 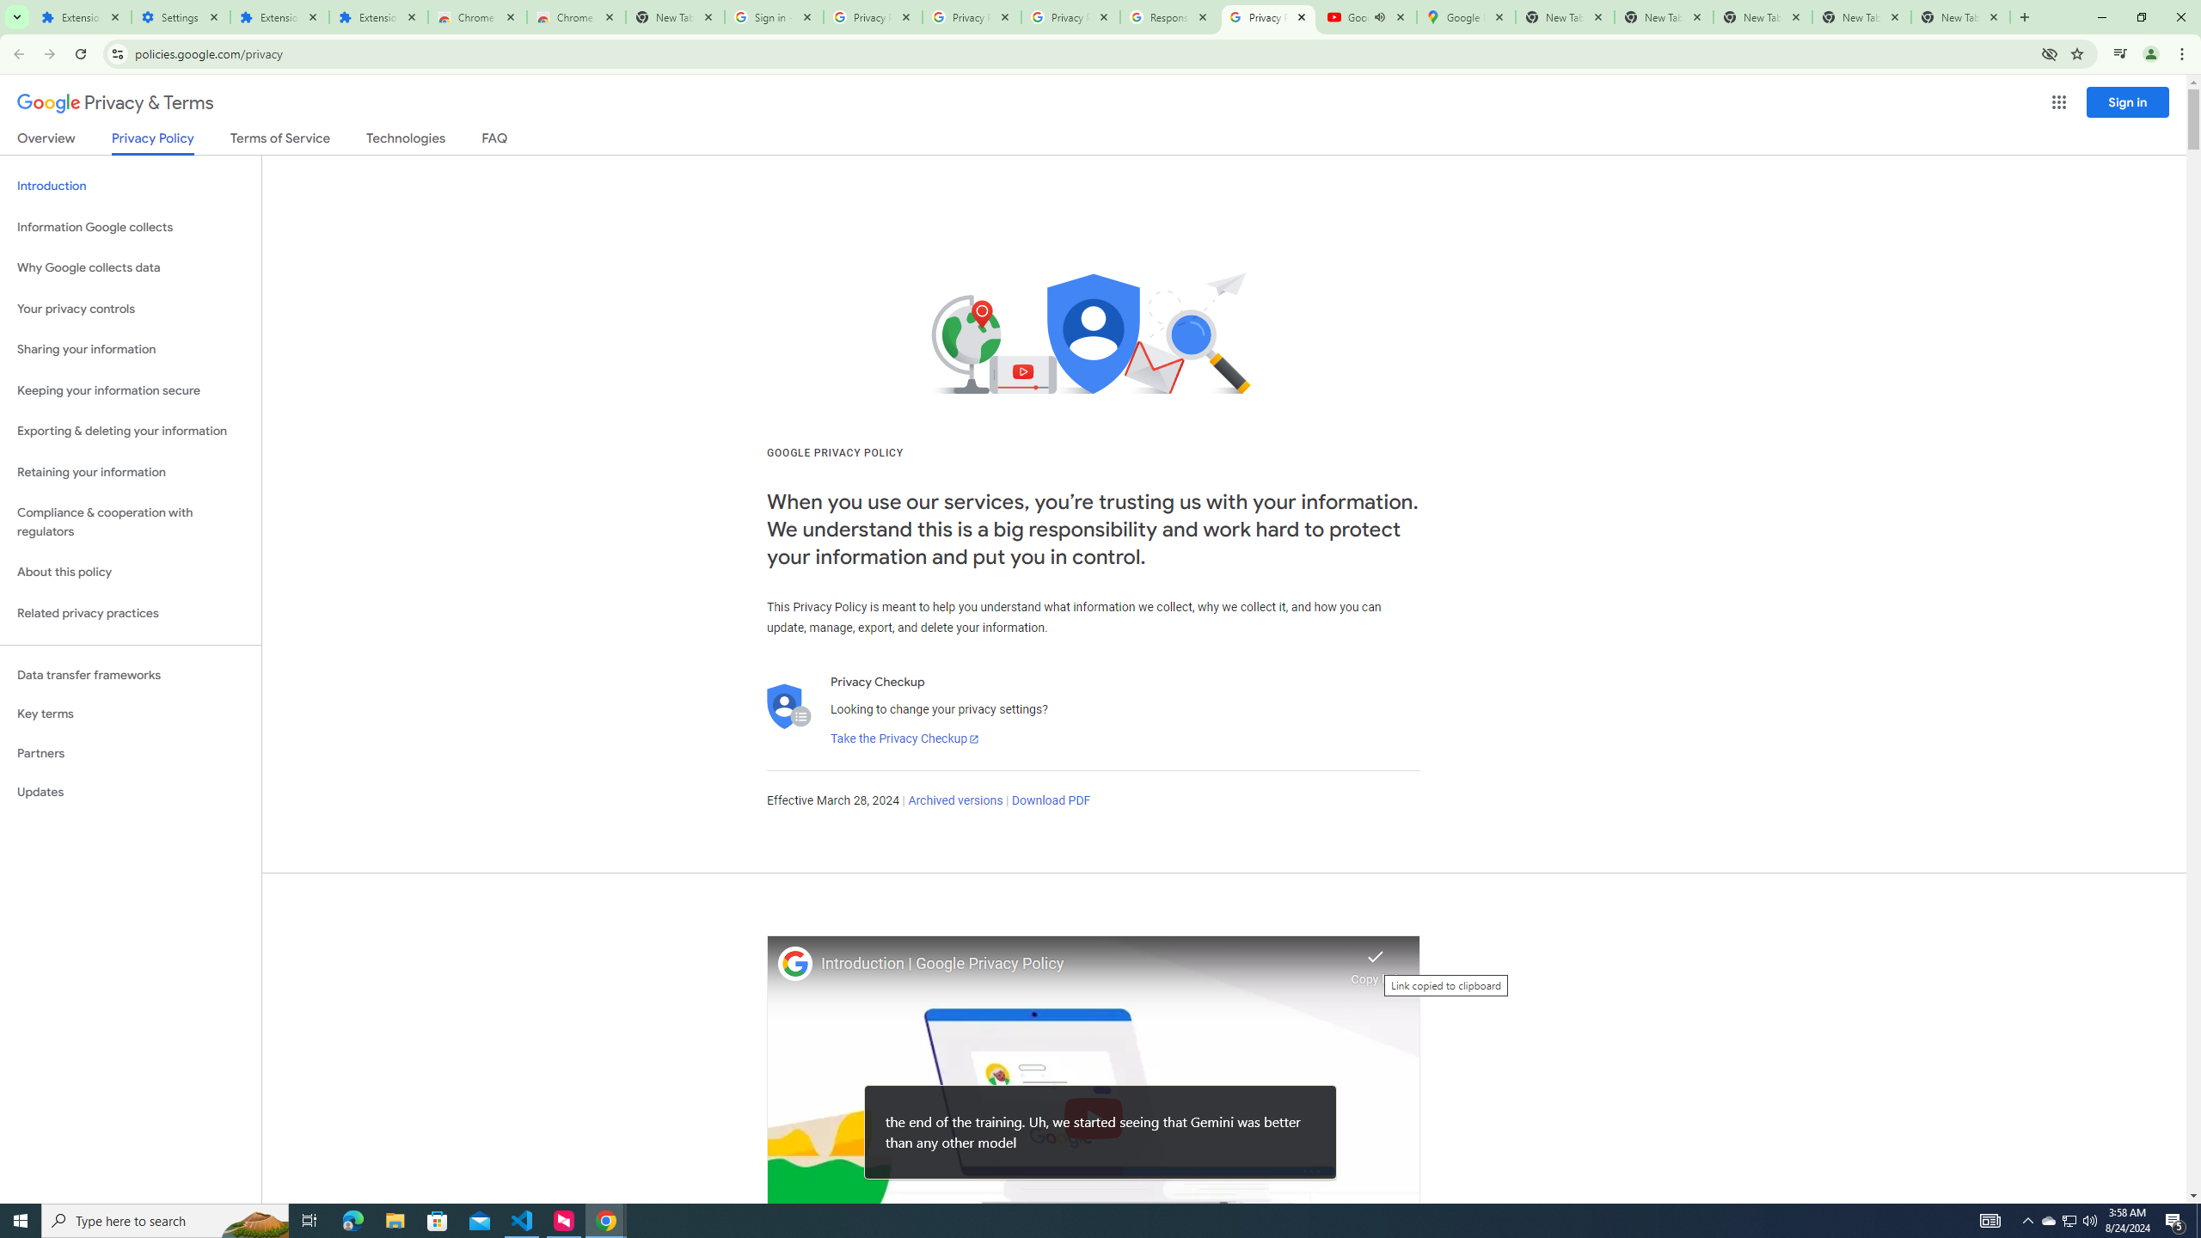 I want to click on 'Introduction', so click(x=130, y=185).